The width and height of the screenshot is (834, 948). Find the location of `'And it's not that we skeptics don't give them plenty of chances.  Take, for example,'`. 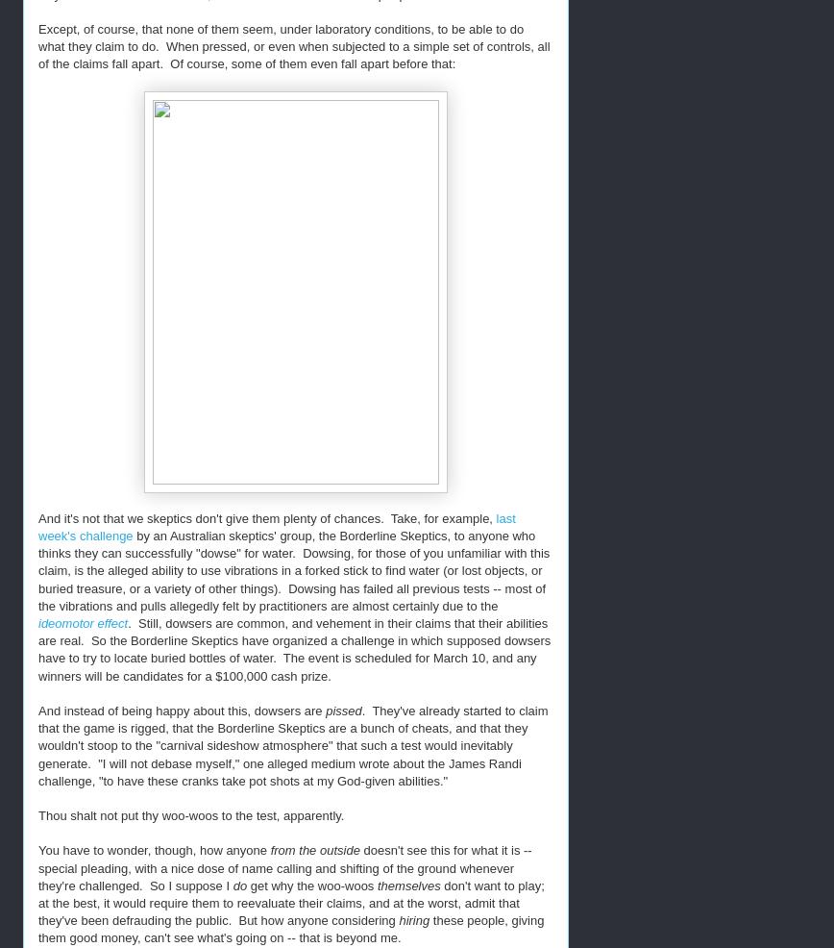

'And it's not that we skeptics don't give them plenty of chances.  Take, for example,' is located at coordinates (267, 516).